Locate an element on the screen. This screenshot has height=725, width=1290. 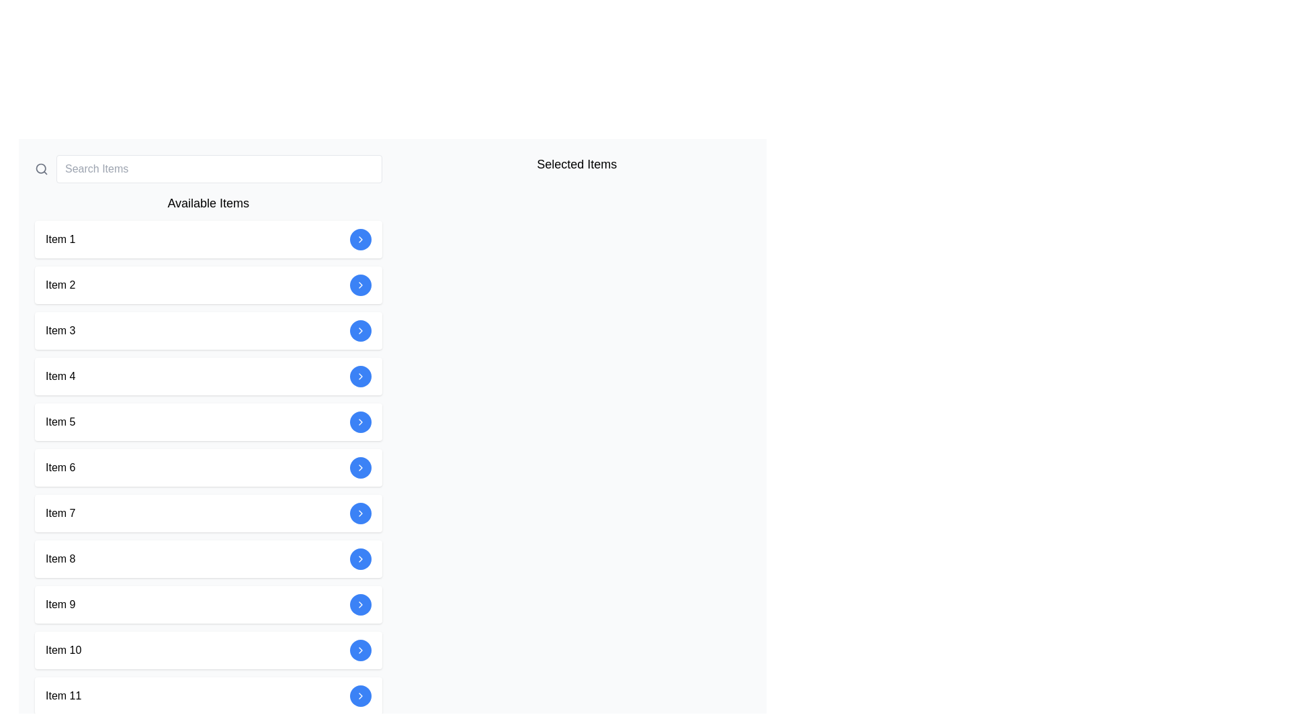
the text label displaying 'Item 2' in the 'Available Items' section, which is positioned in a vertically aligned list and has a blue circular button aligned to its right is located at coordinates (60, 284).